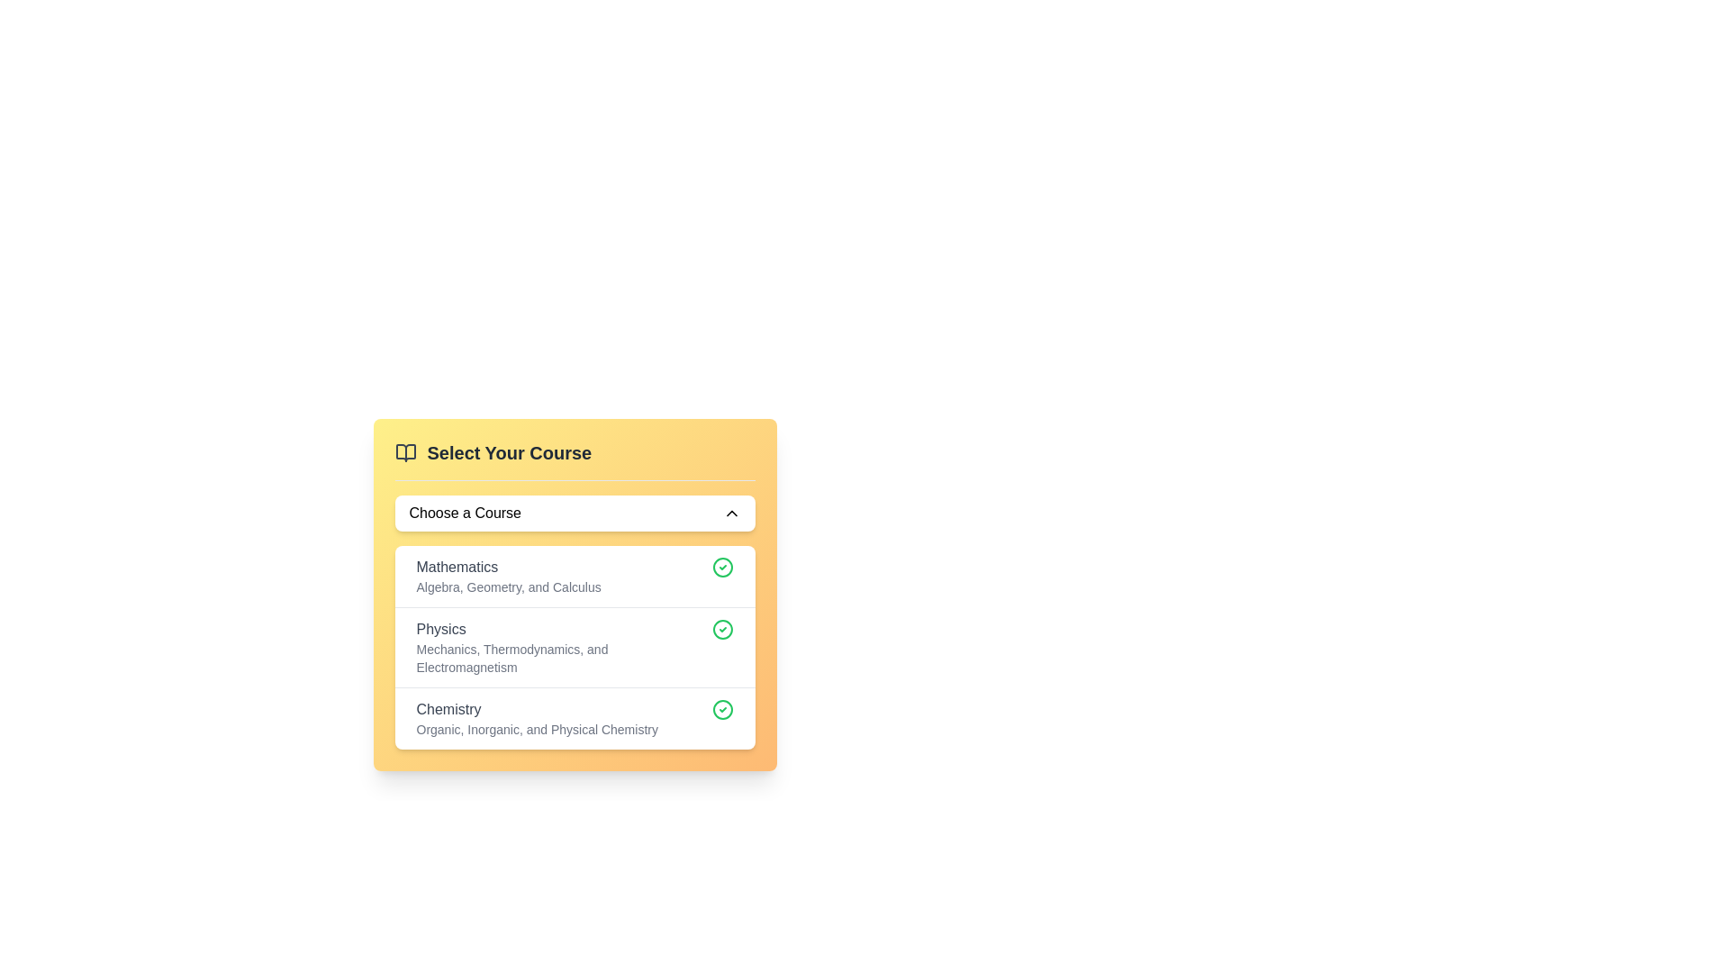 The image size is (1729, 973). What do you see at coordinates (563, 646) in the screenshot?
I see `the 'Physics' course selection item located in the dropdown menu titled 'Select Your Course'. This item is the second entry in the list, positioned between 'Mathematics' and 'Chemistry'` at bounding box center [563, 646].